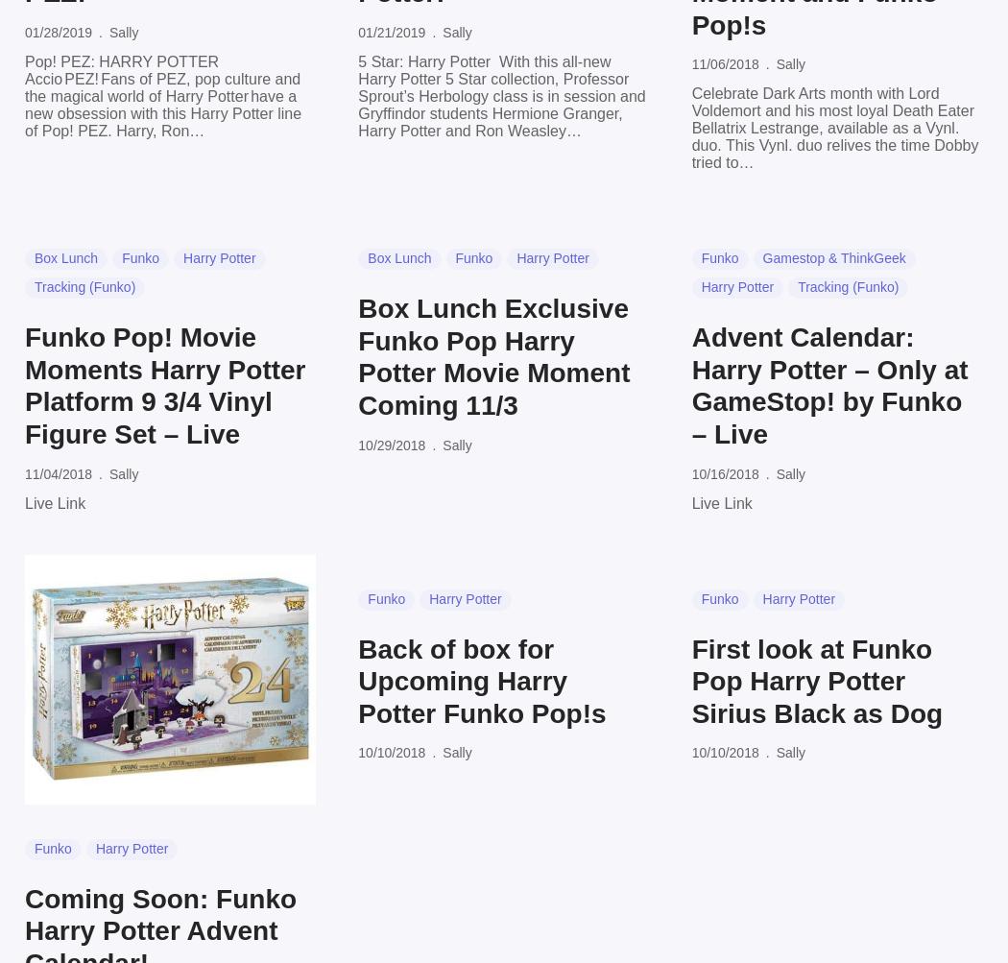 Image resolution: width=1008 pixels, height=963 pixels. I want to click on 'Box Lunch Exclusive Funko Pop Harry Potter Movie Moment Coming 11/3', so click(492, 355).